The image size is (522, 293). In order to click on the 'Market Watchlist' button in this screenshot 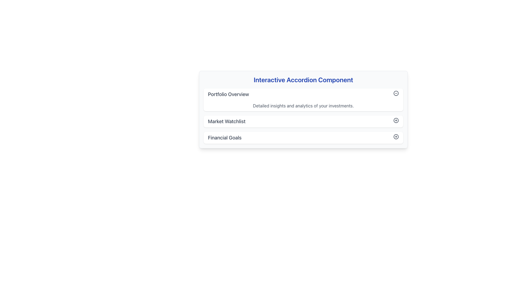, I will do `click(303, 121)`.